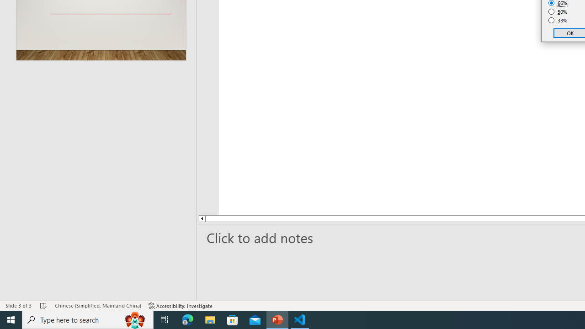 This screenshot has width=585, height=329. What do you see at coordinates (300, 319) in the screenshot?
I see `'Visual Studio Code - 1 running window'` at bounding box center [300, 319].